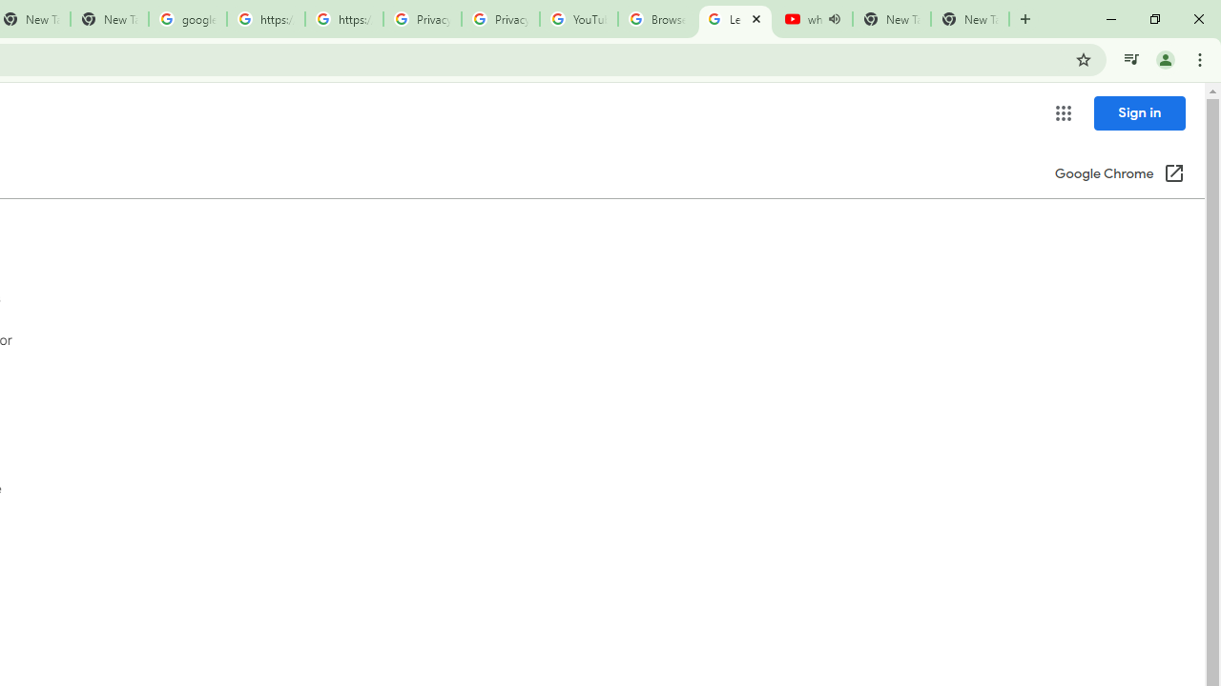 Image resolution: width=1221 pixels, height=686 pixels. I want to click on 'New Tab', so click(969, 19).